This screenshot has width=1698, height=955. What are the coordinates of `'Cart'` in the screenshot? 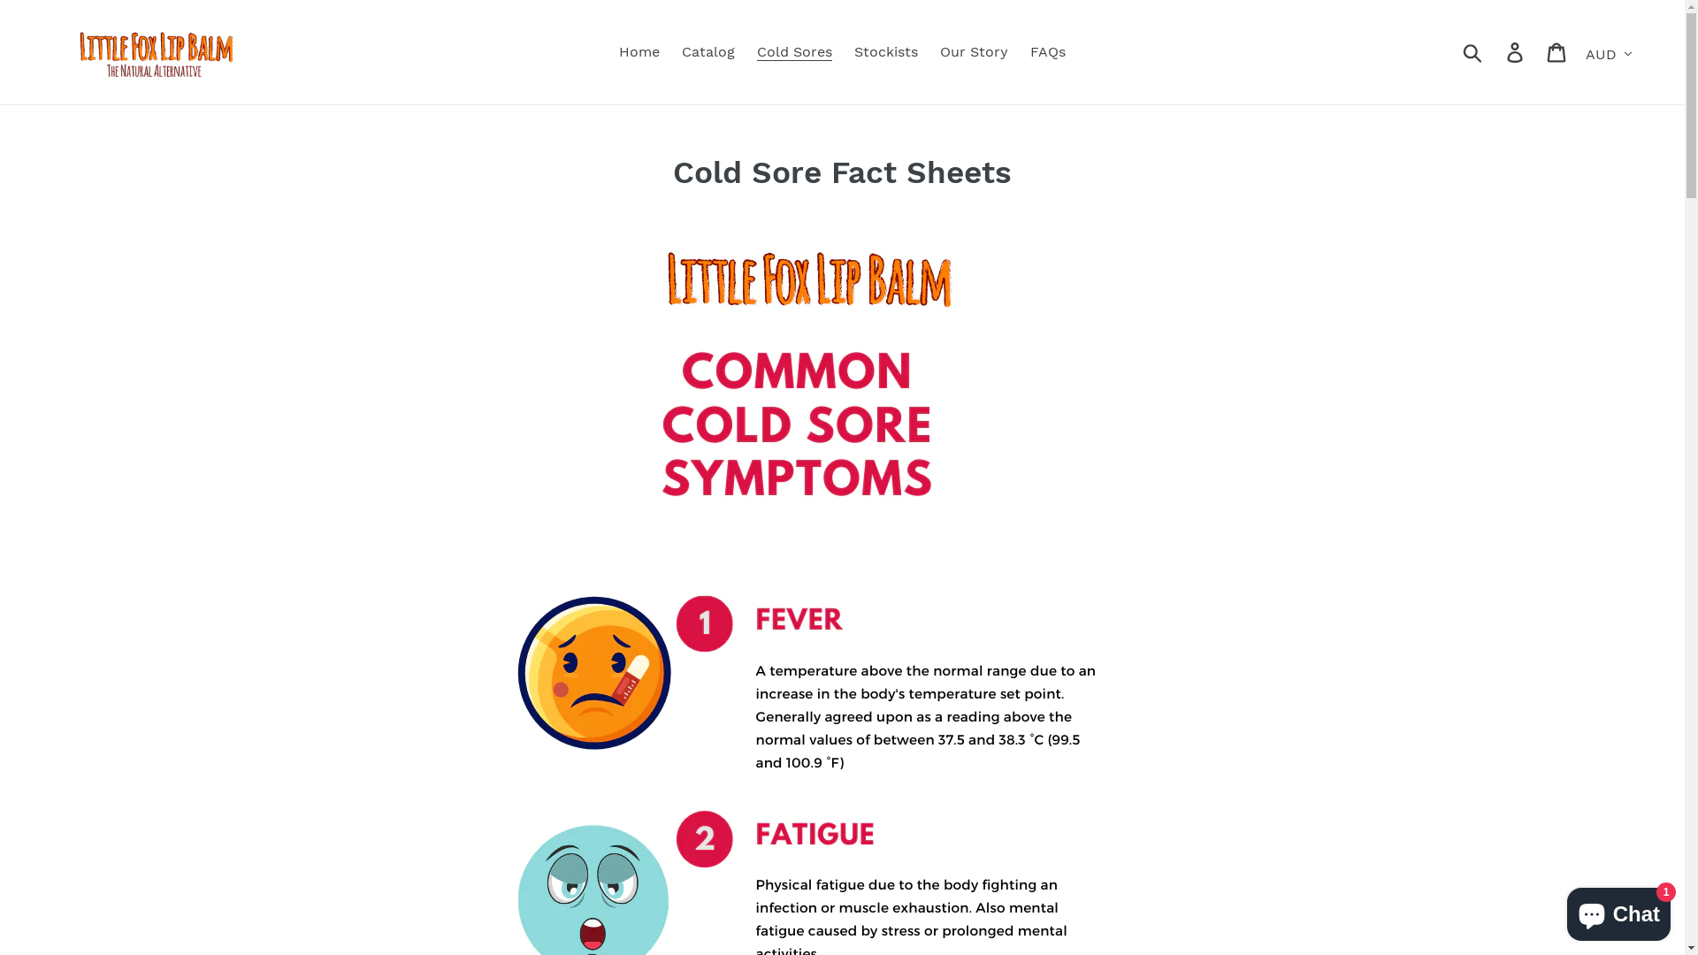 It's located at (1557, 51).